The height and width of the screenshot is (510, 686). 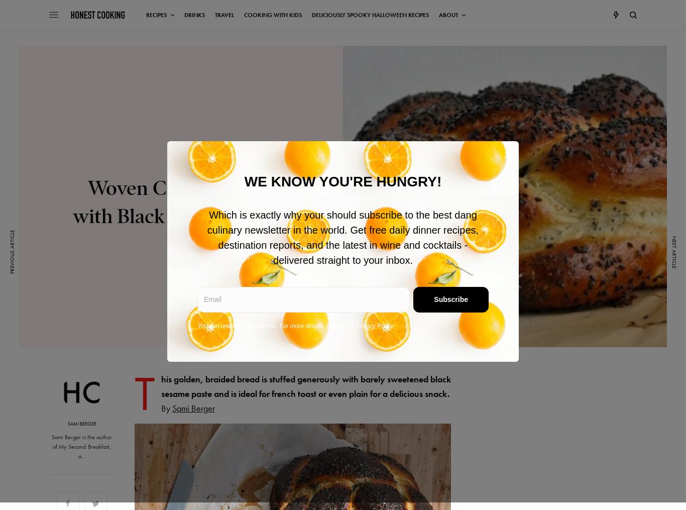 I want to click on 'Previous Article', so click(x=11, y=251).